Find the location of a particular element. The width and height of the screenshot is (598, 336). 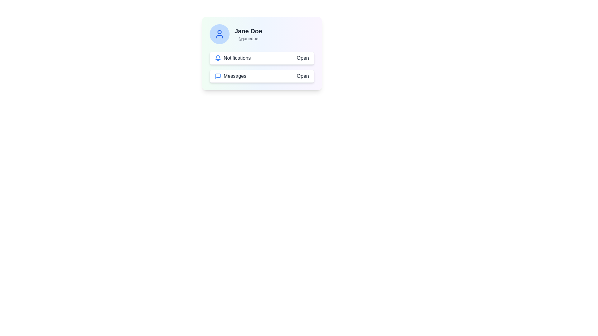

the 'Open' text label, which is styled in black and located in the right section of a horizontal layout, directly corresponding to the 'Messages' label on the left is located at coordinates (303, 76).